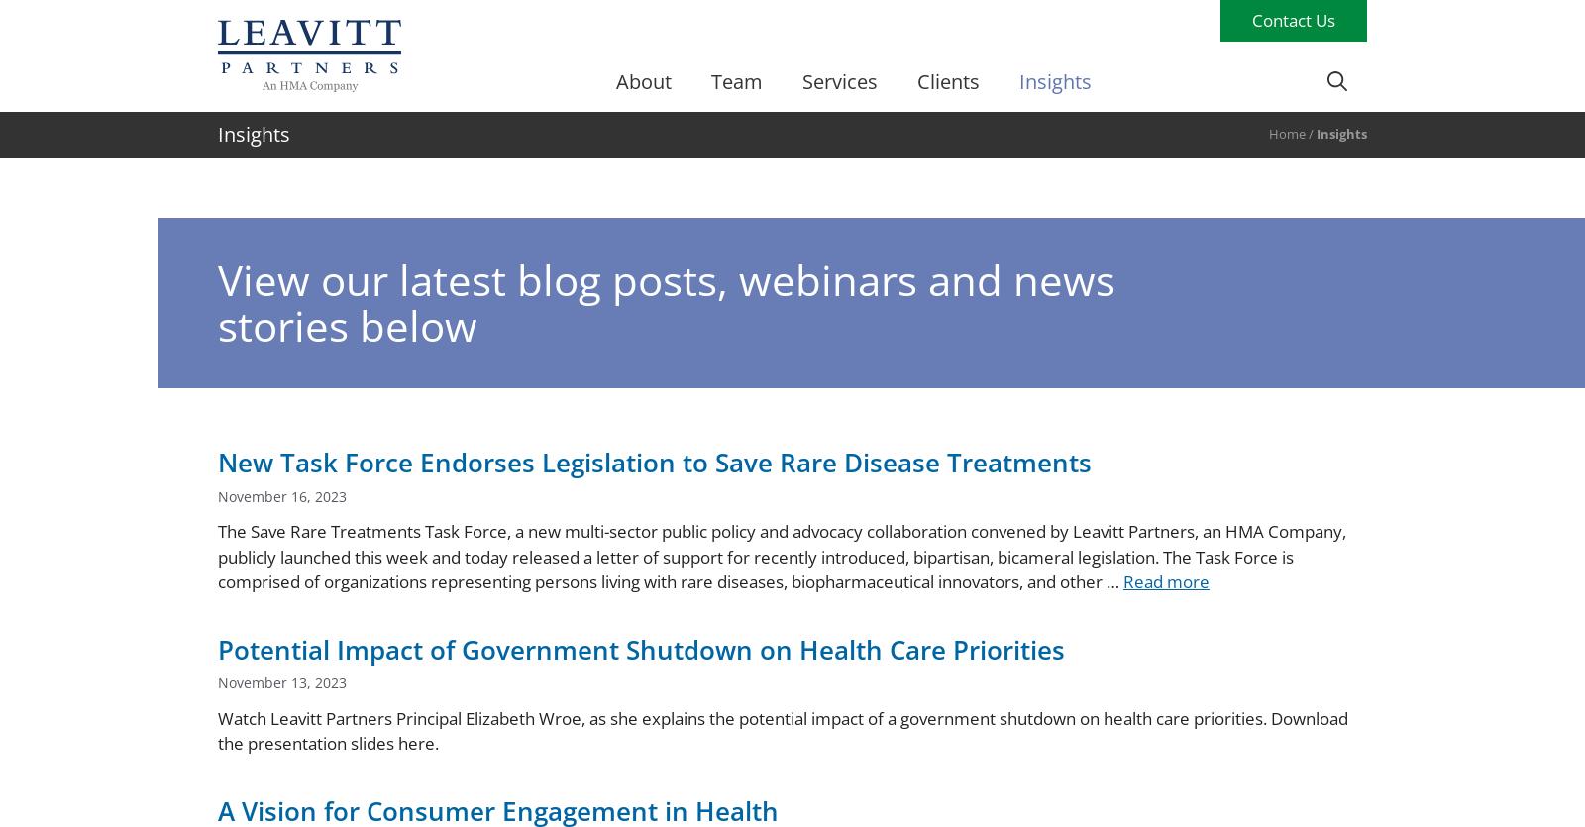 The width and height of the screenshot is (1585, 827). Describe the element at coordinates (658, 462) in the screenshot. I see `'New Task Force Endorses Legislation to Save Rare Disease Treatments'` at that location.